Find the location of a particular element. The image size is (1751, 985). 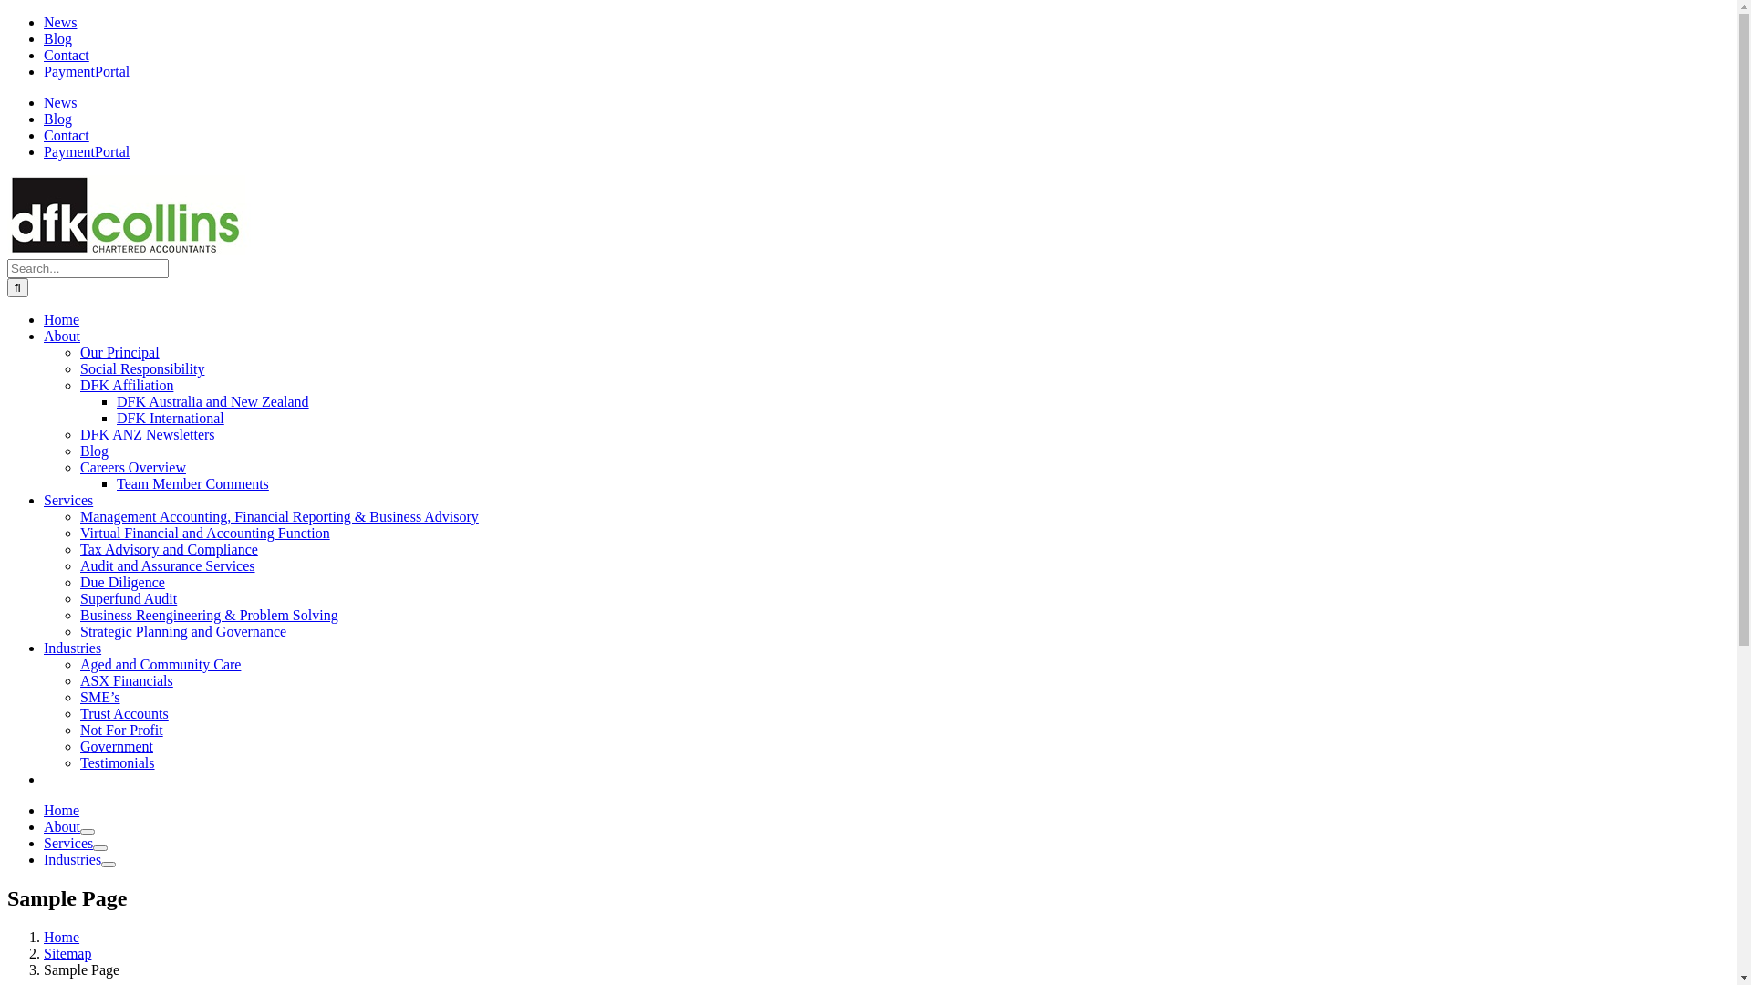

'DFK ANZ Newsletters' is located at coordinates (148, 434).